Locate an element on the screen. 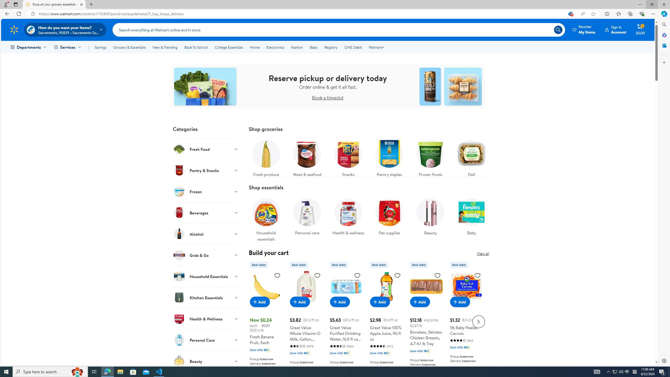  'Frozen foods' is located at coordinates (430, 157).